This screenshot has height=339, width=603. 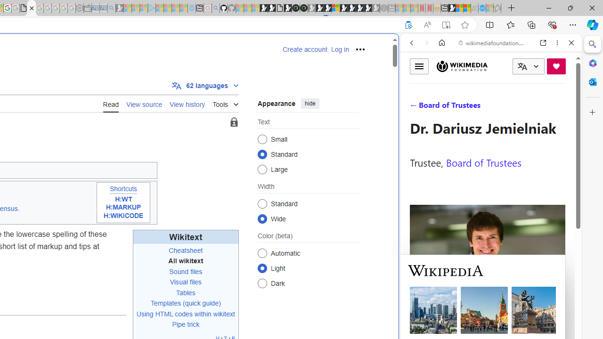 What do you see at coordinates (32, 8) in the screenshot?
I see `'Help:Wikitext - Wikipedia'` at bounding box center [32, 8].